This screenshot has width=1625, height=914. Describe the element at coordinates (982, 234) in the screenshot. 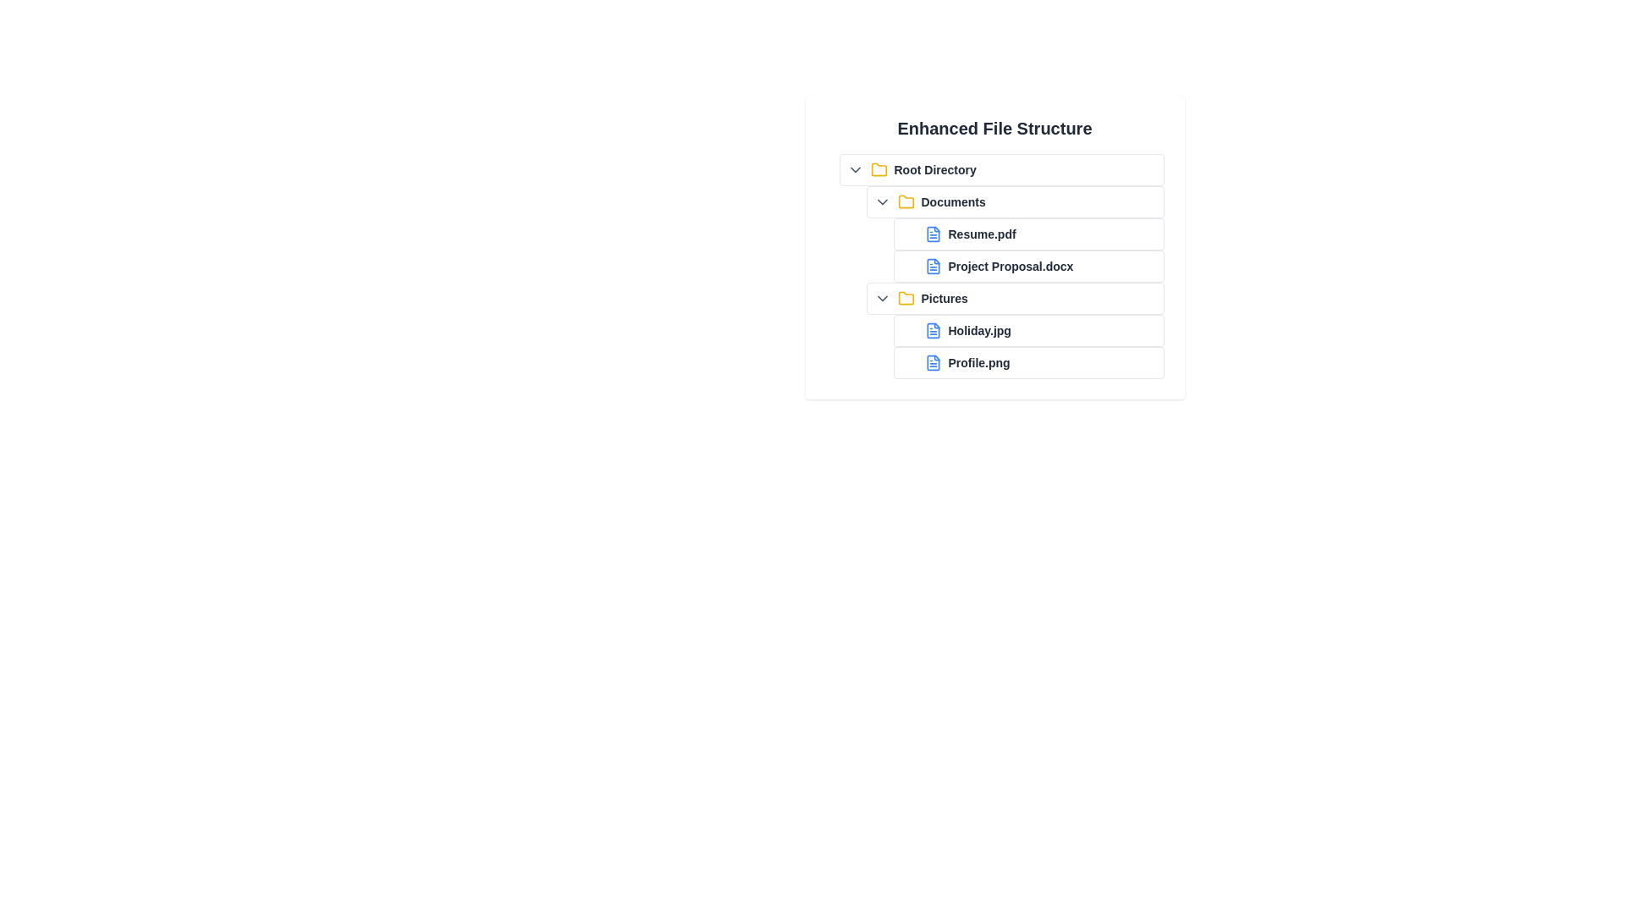

I see `the 'Resume.pdf' file name label located in the 'Documents' folder, which is the first file listed and has a document icon to the left of the text` at that location.